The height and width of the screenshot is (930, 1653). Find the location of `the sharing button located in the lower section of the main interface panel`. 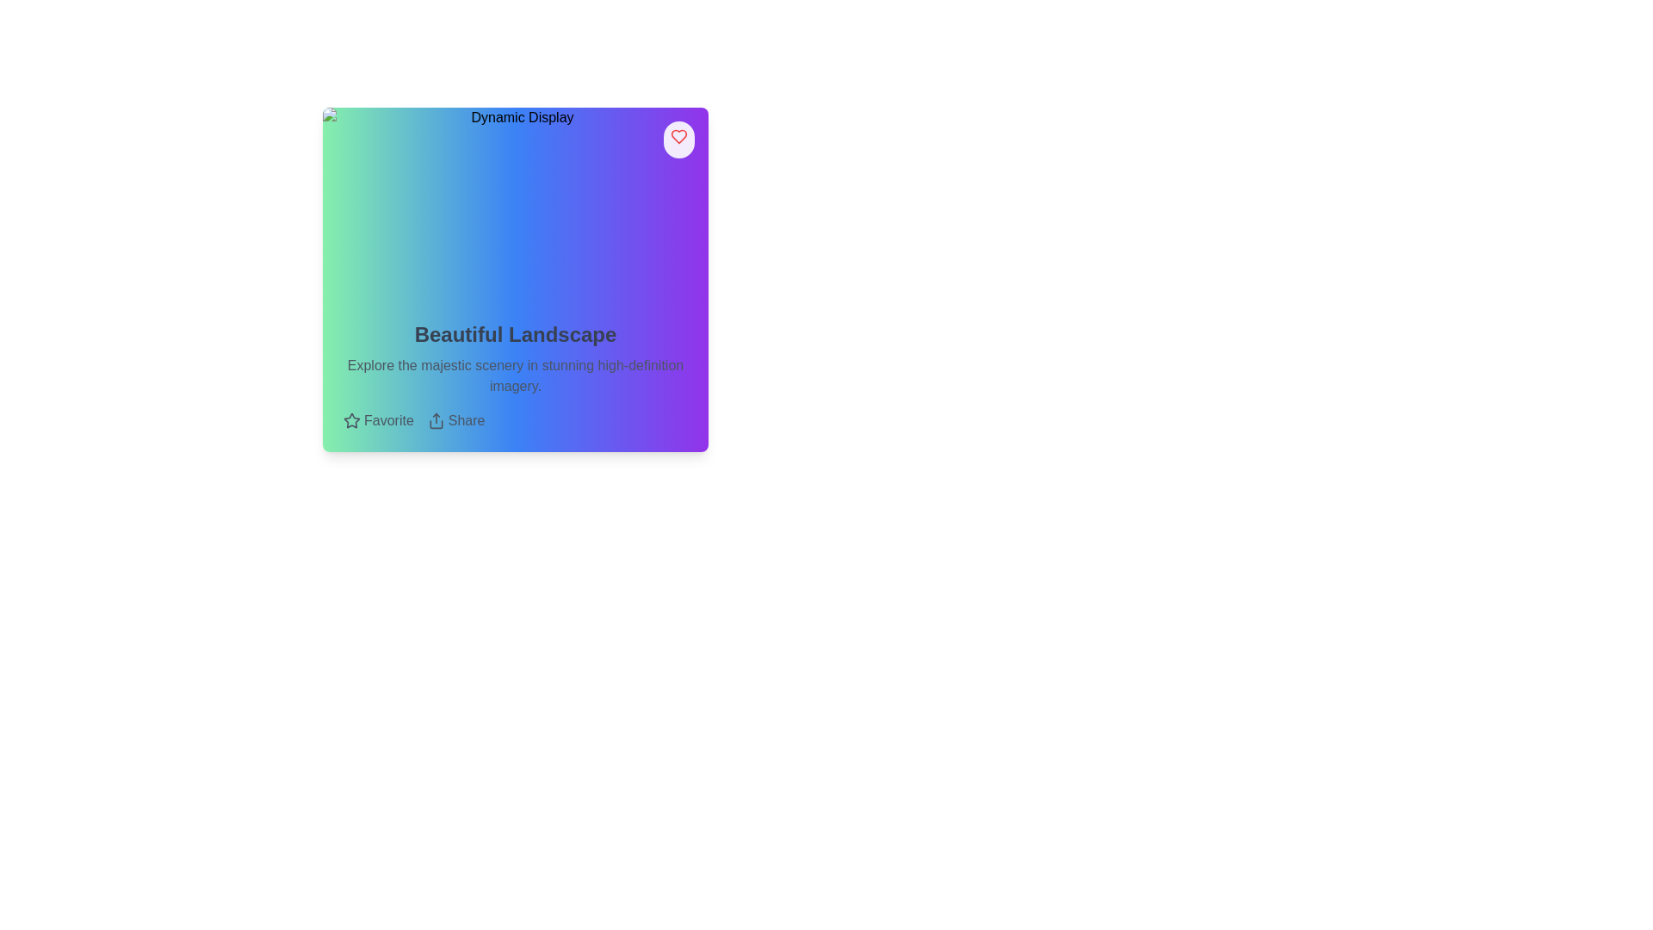

the sharing button located in the lower section of the main interface panel is located at coordinates (456, 421).